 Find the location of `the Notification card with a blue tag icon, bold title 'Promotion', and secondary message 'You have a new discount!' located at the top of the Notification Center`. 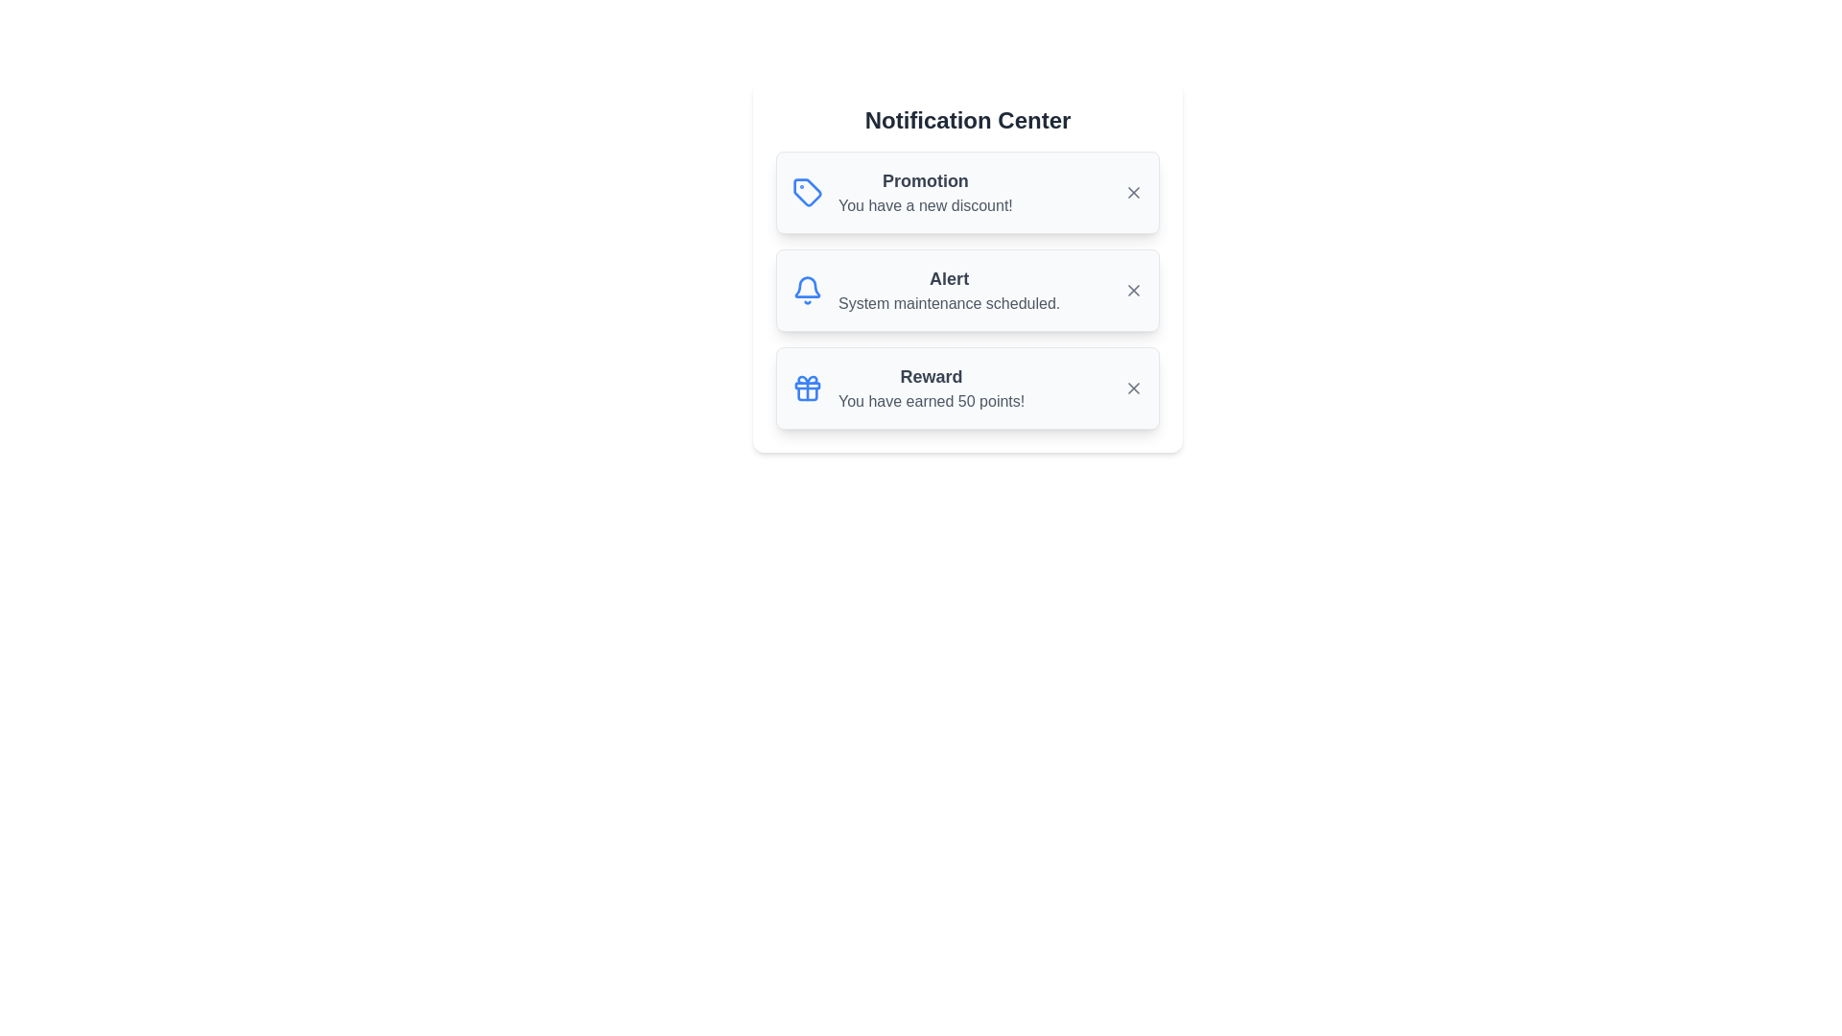

the Notification card with a blue tag icon, bold title 'Promotion', and secondary message 'You have a new discount!' located at the top of the Notification Center is located at coordinates (967, 192).